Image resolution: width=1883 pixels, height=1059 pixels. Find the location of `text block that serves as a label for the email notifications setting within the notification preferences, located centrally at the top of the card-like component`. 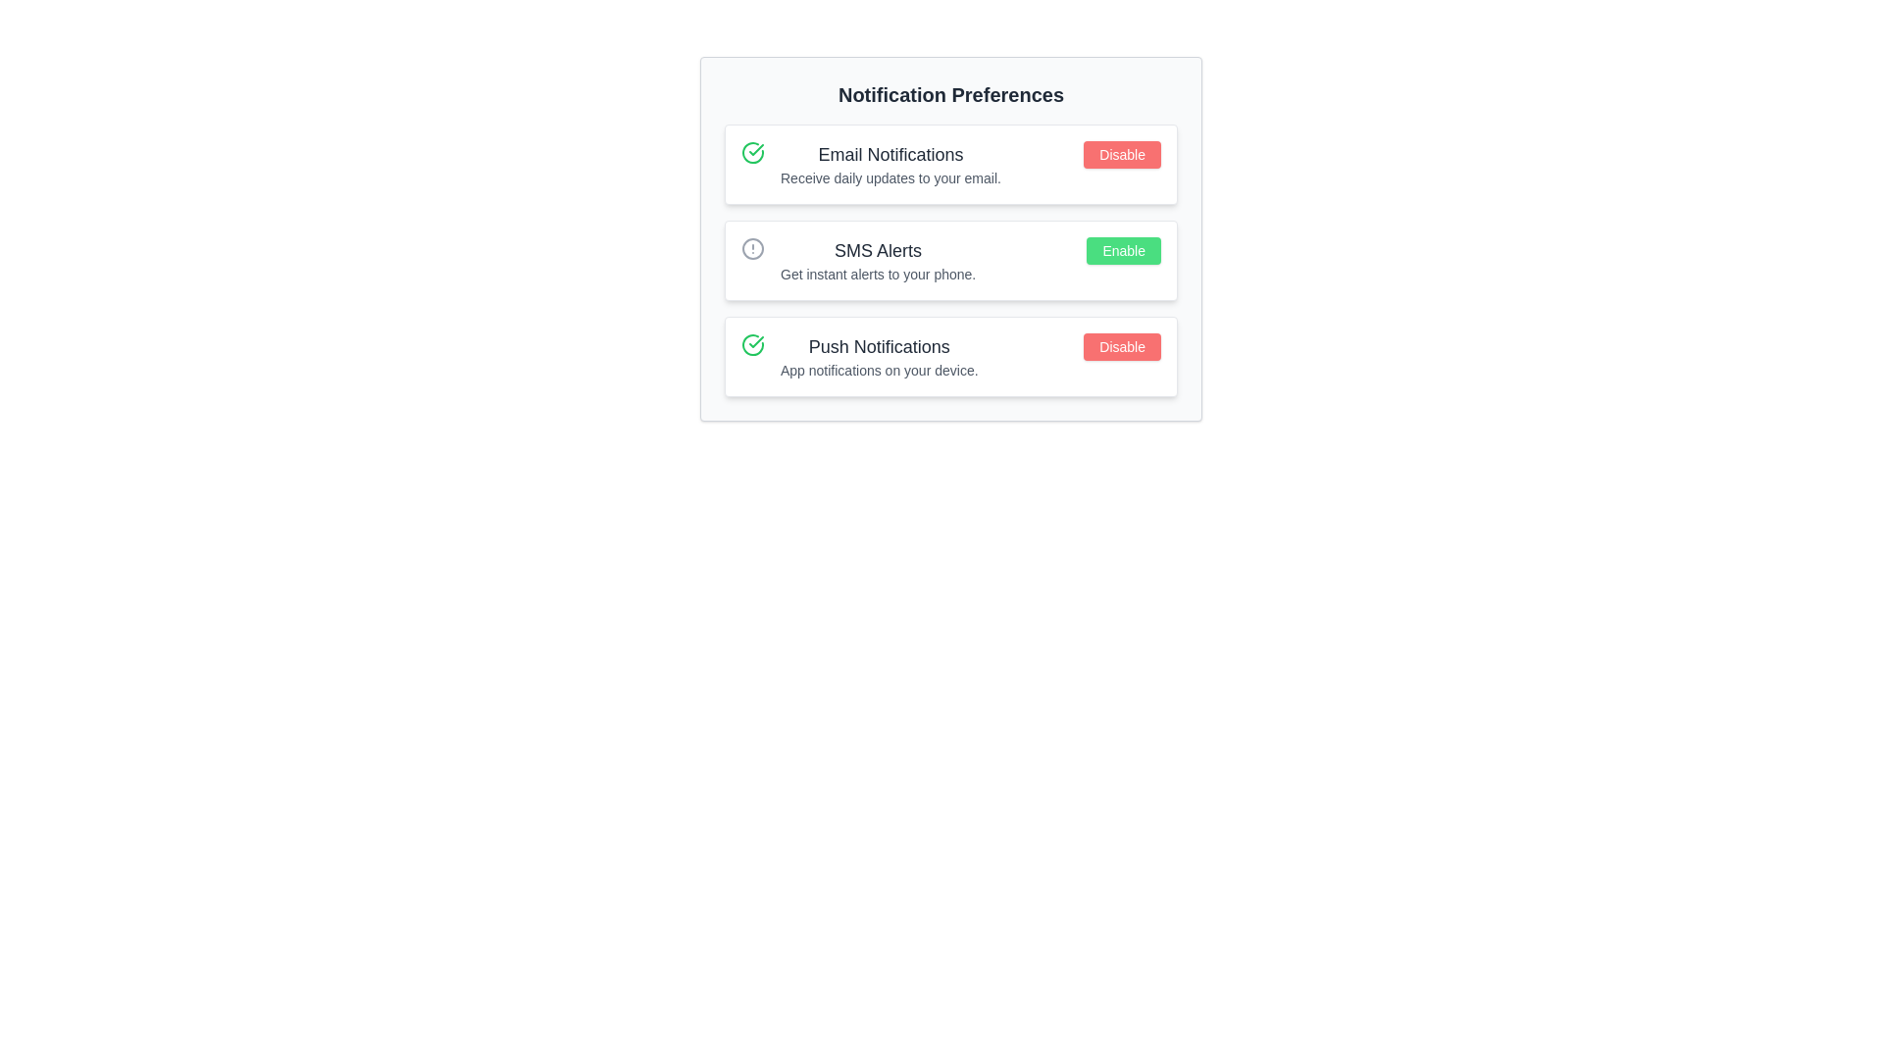

text block that serves as a label for the email notifications setting within the notification preferences, located centrally at the top of the card-like component is located at coordinates (890, 164).